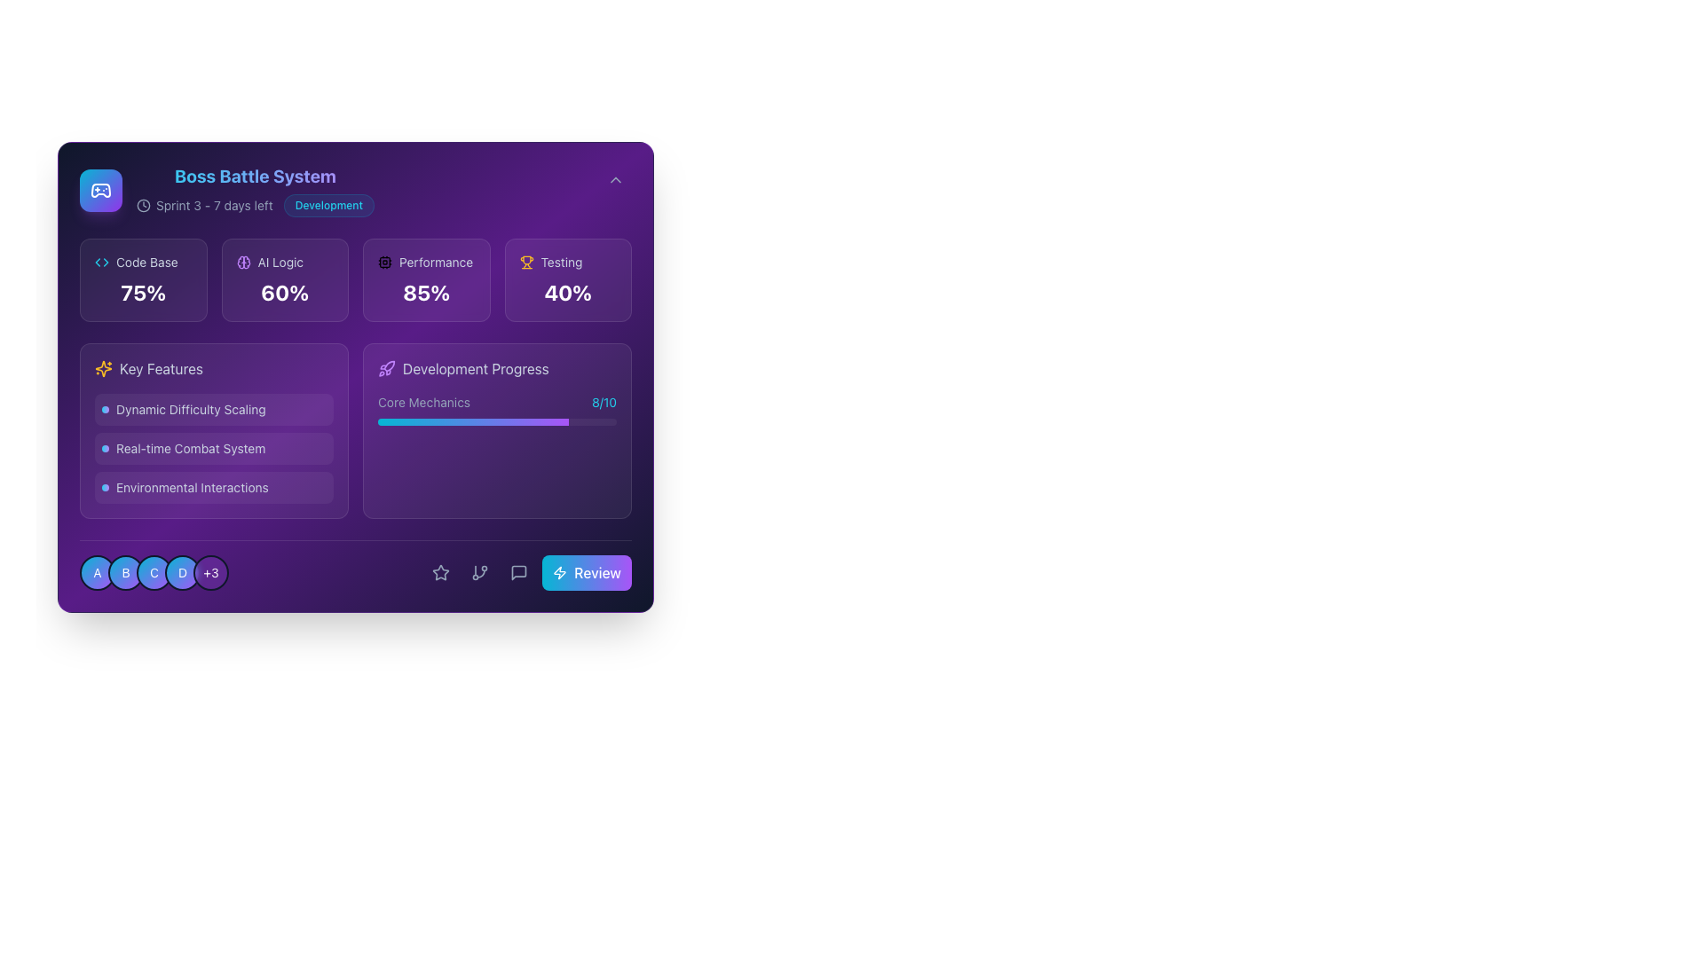 The height and width of the screenshot is (958, 1704). What do you see at coordinates (192, 488) in the screenshot?
I see `the text content of the label displaying 'Environmental Interactions', which is located in the bottom section of the 'Key Features' group` at bounding box center [192, 488].